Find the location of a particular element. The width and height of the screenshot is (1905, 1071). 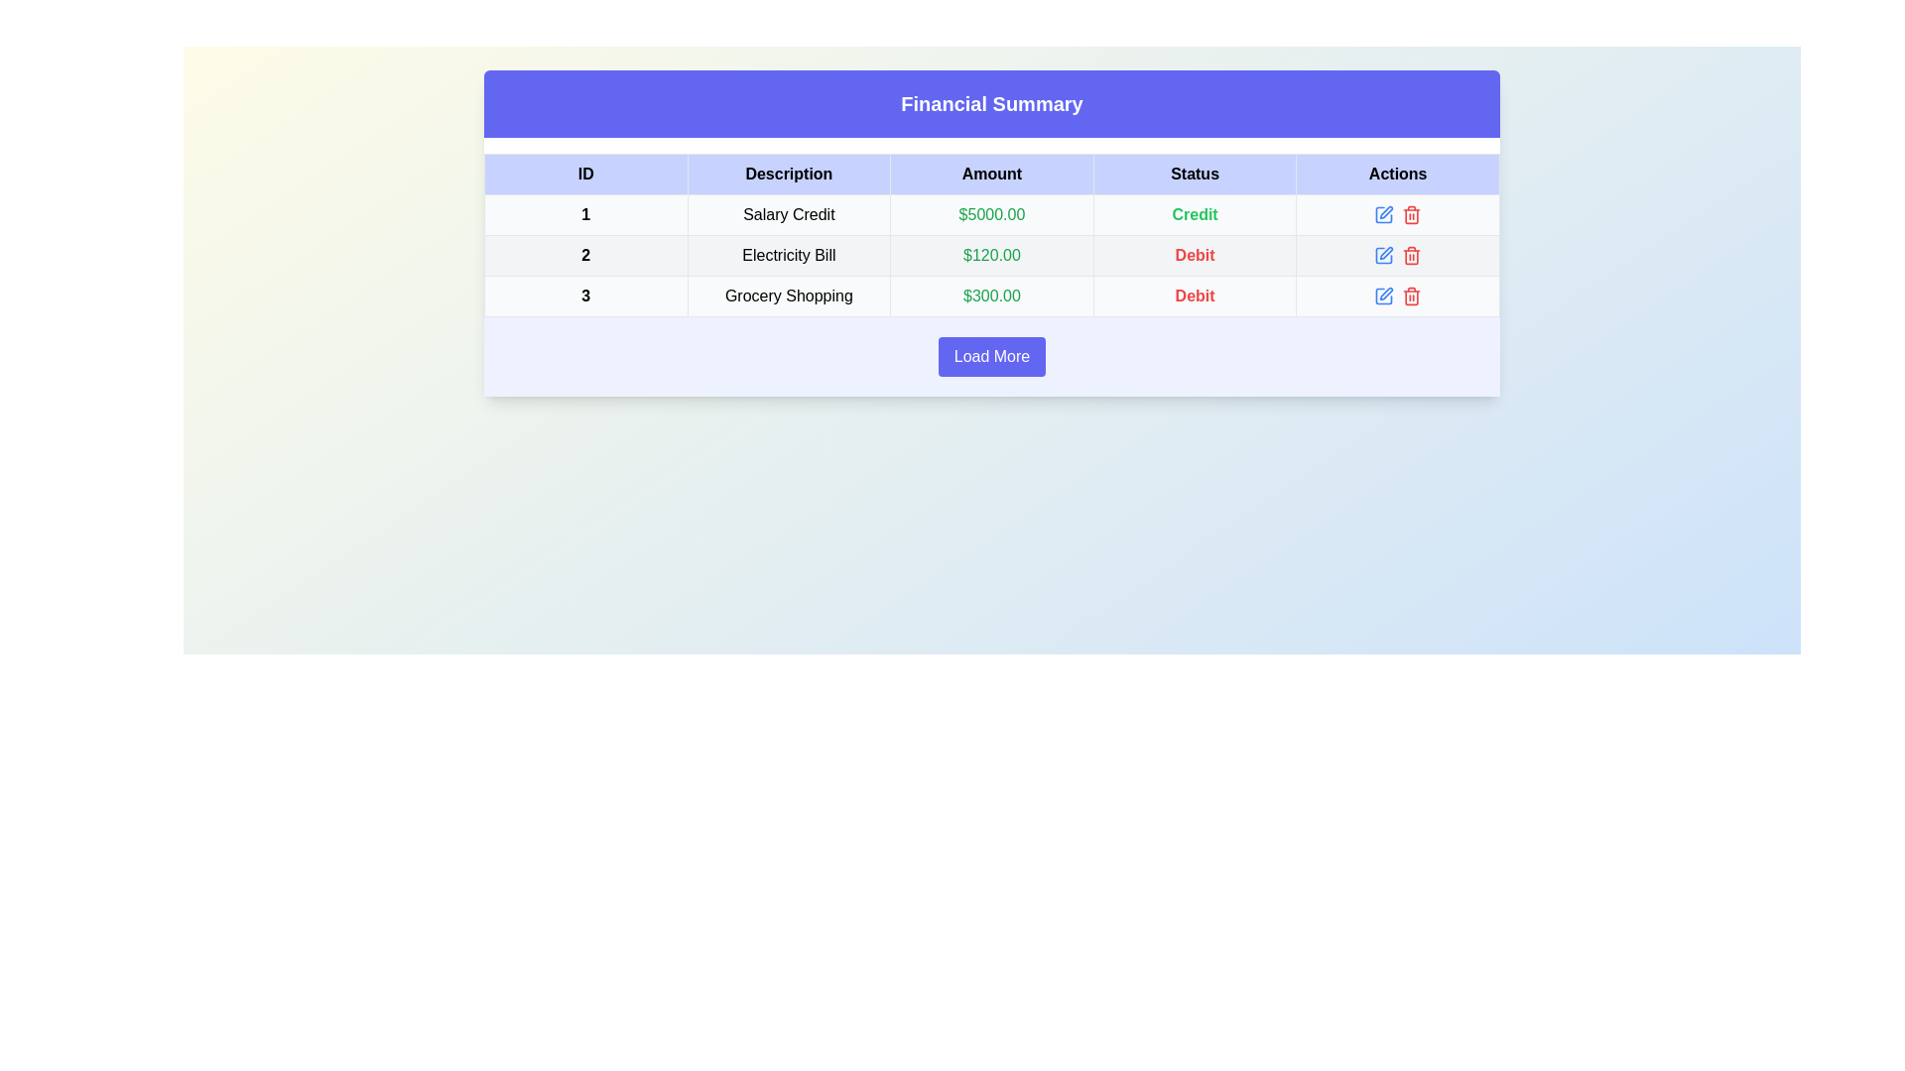

the 'Actions' header cell, which is the fifth header cell in the table's header row, positioned to the right of the 'Status' header is located at coordinates (1397, 174).